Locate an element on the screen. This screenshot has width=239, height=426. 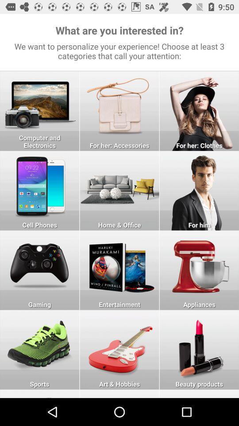
game symbol is located at coordinates (39, 270).